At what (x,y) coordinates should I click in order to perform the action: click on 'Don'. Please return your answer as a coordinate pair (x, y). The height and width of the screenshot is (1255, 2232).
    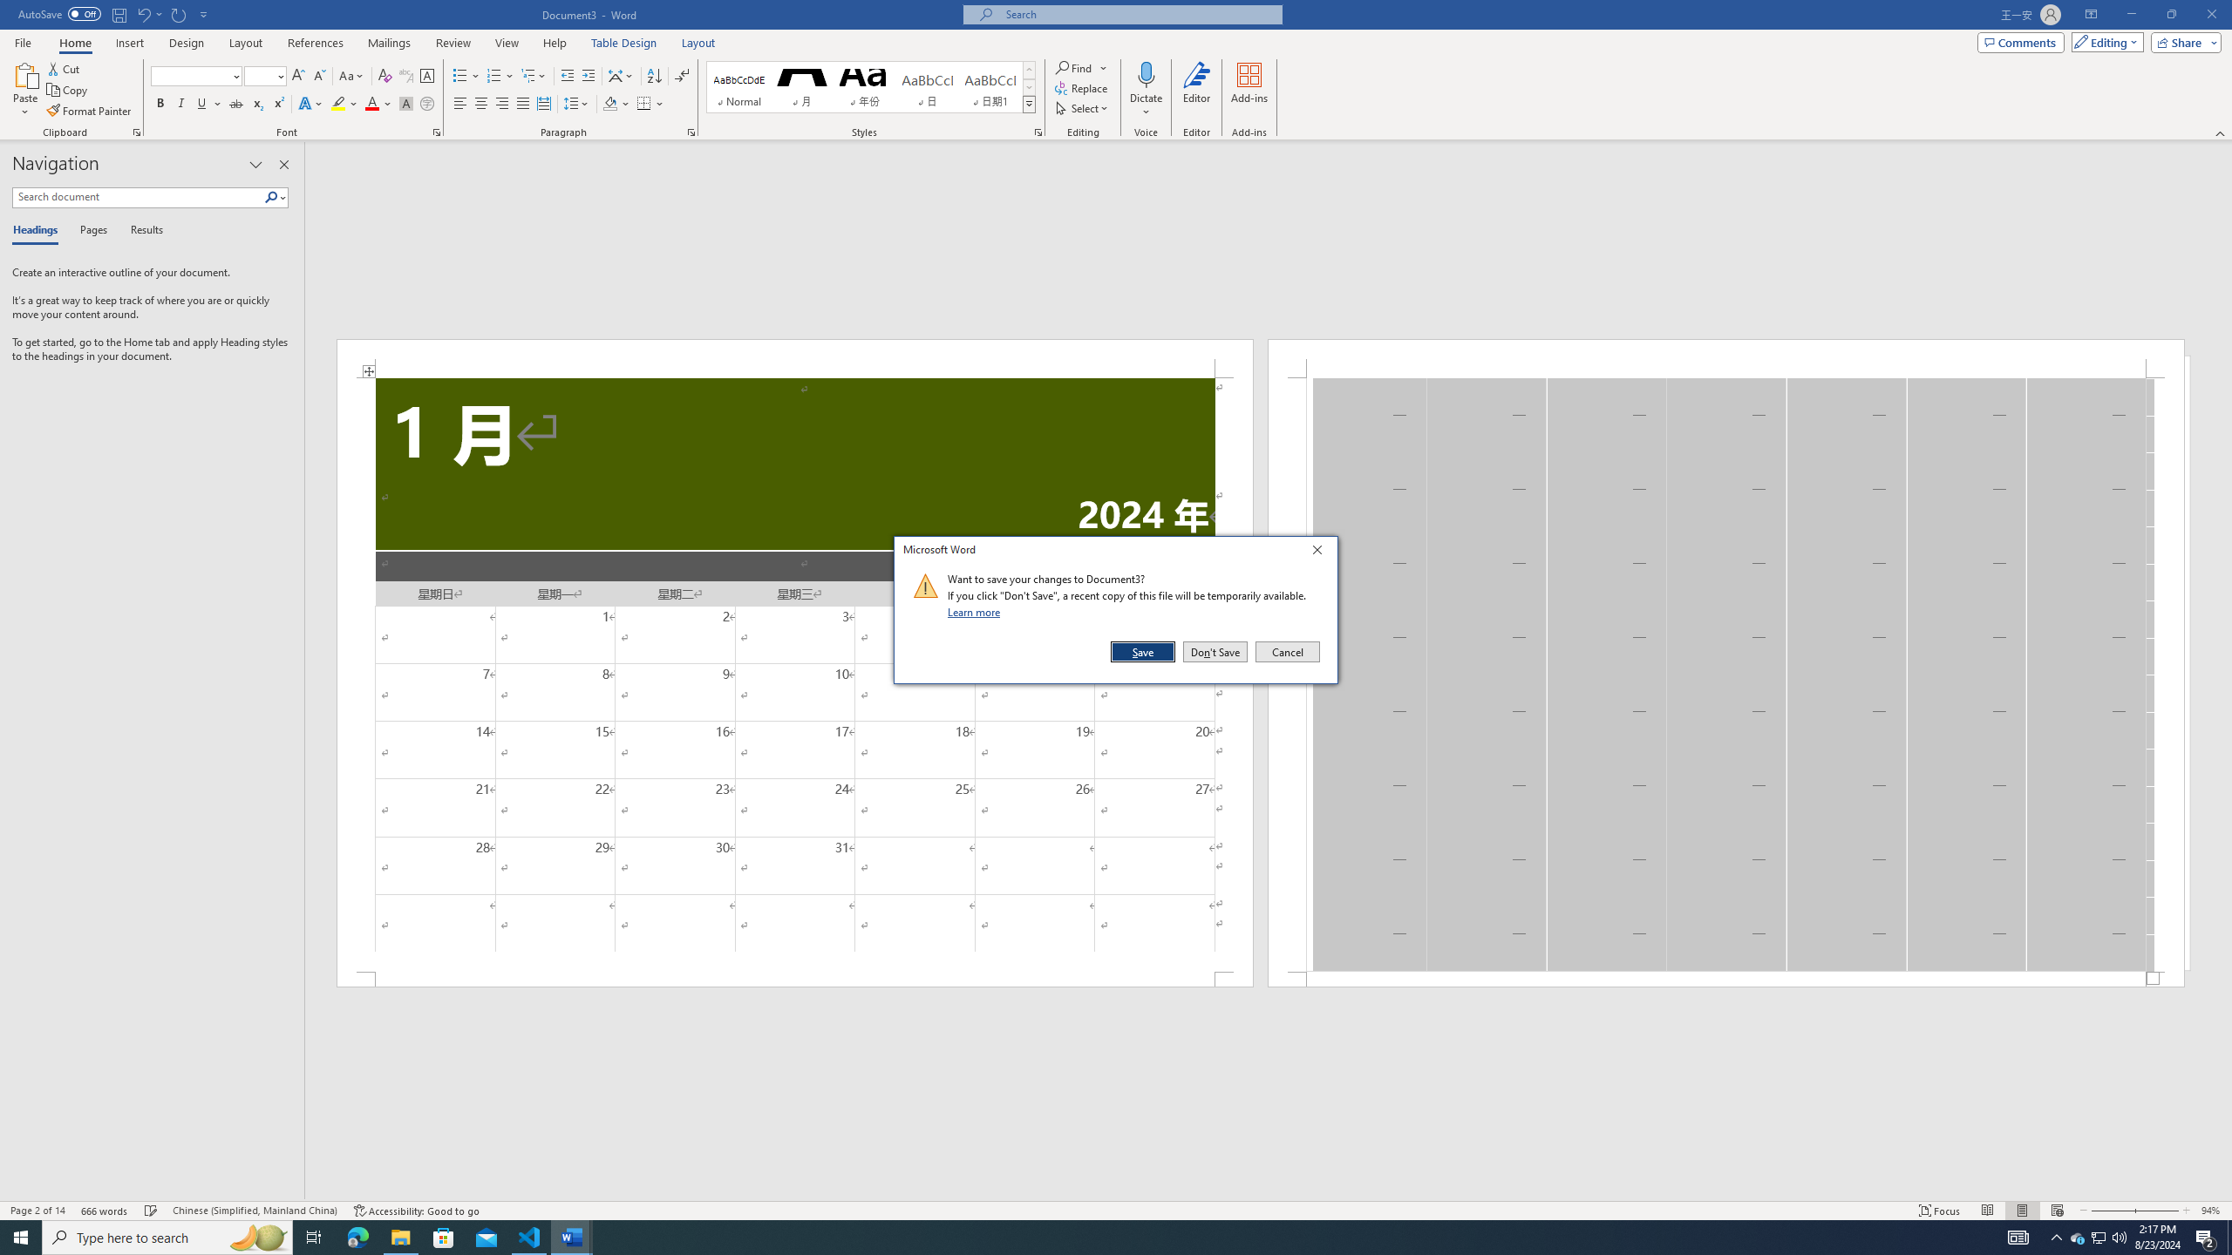
    Looking at the image, I should click on (1215, 651).